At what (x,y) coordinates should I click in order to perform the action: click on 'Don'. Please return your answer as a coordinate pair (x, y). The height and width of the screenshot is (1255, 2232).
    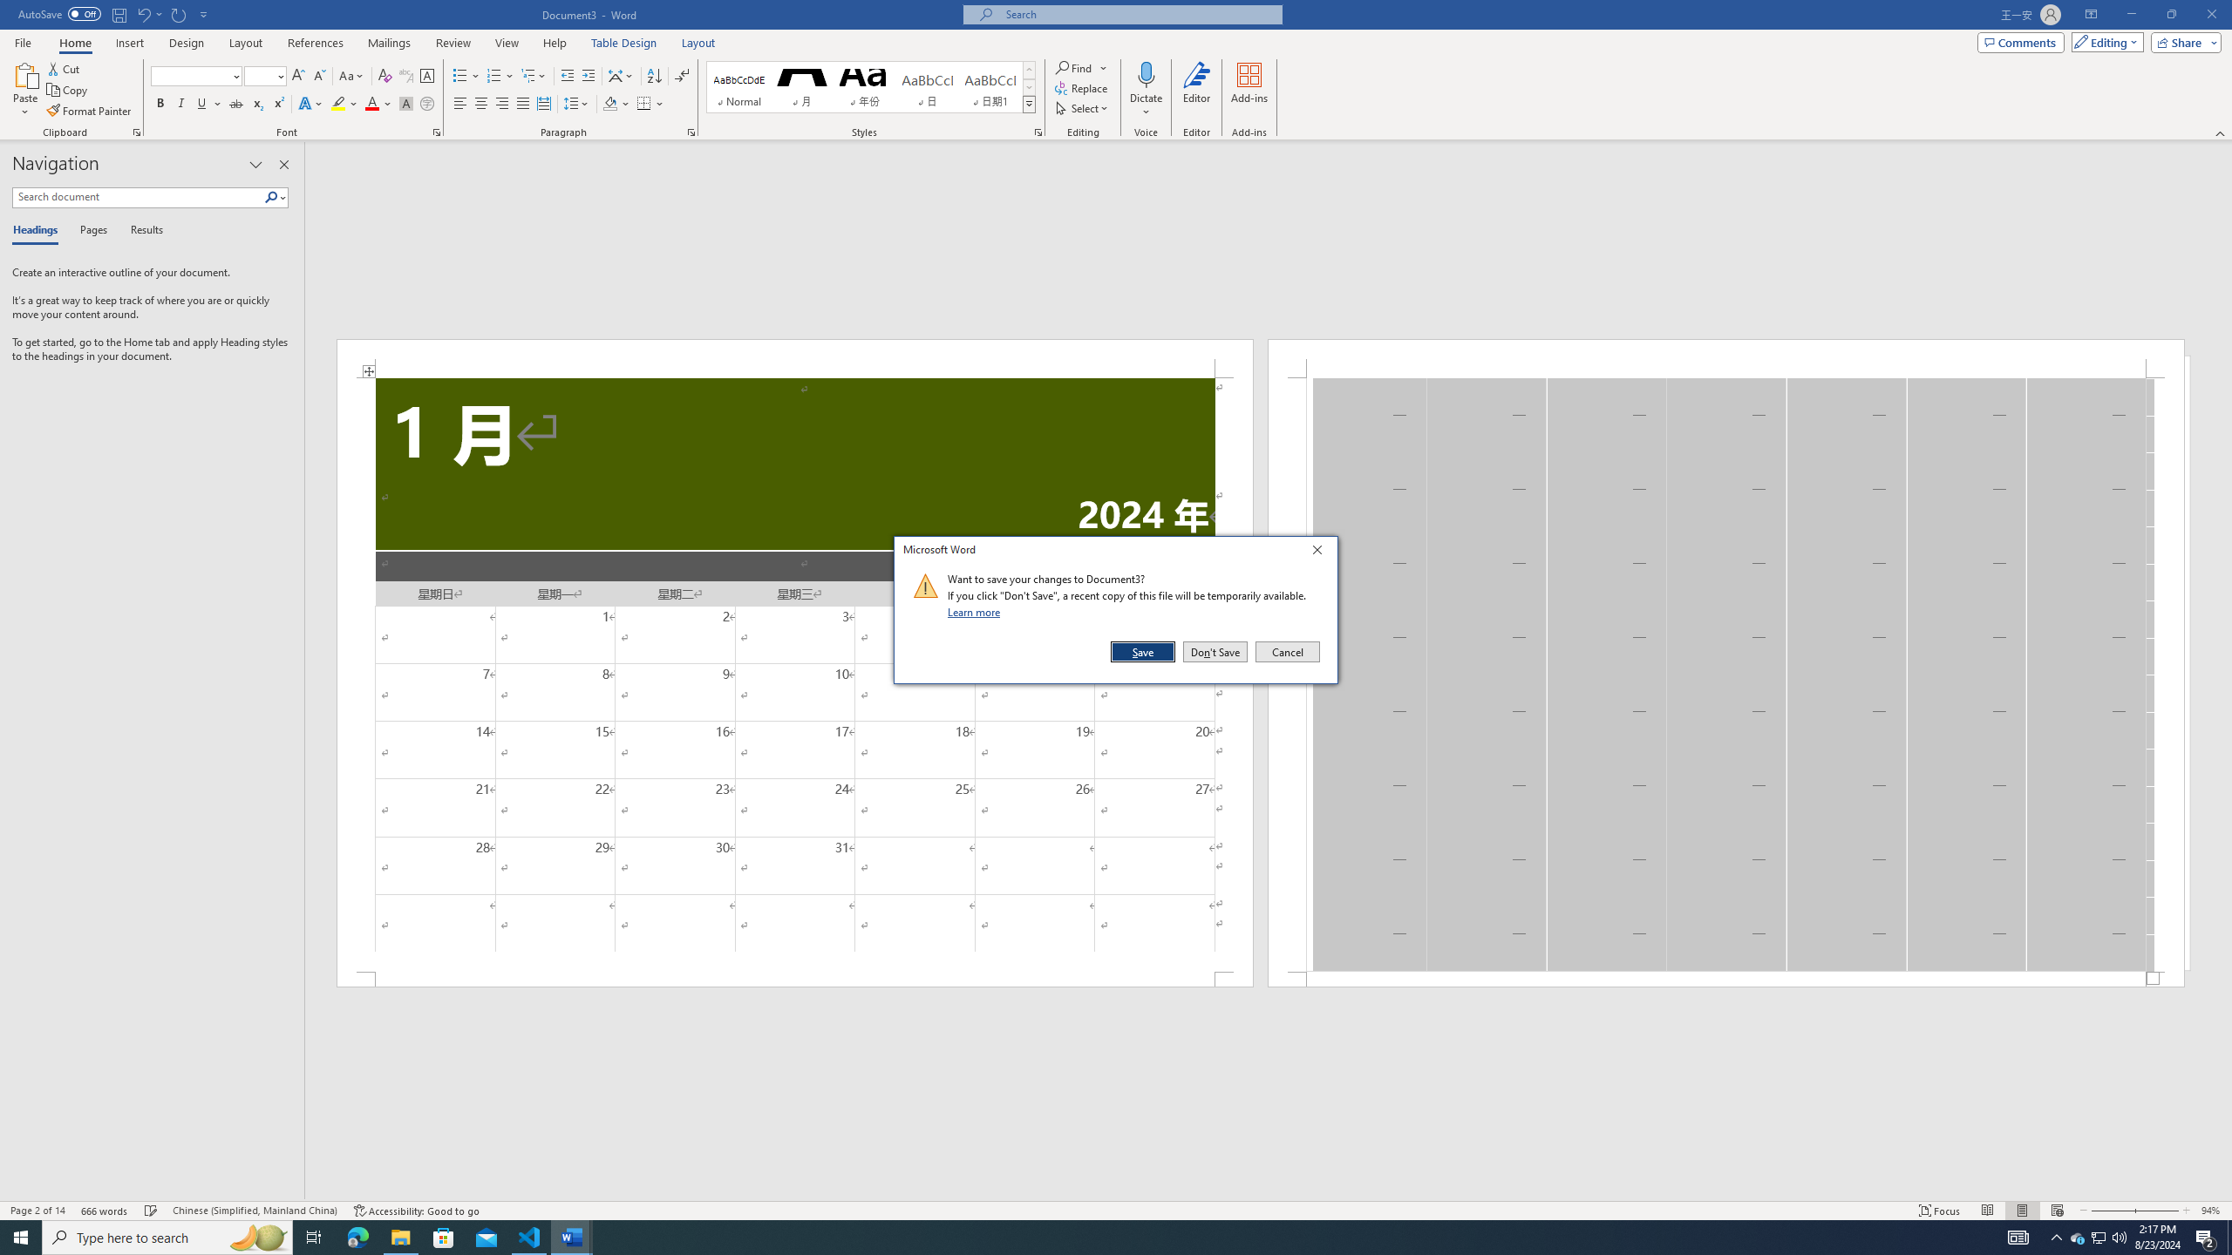
    Looking at the image, I should click on (1215, 651).